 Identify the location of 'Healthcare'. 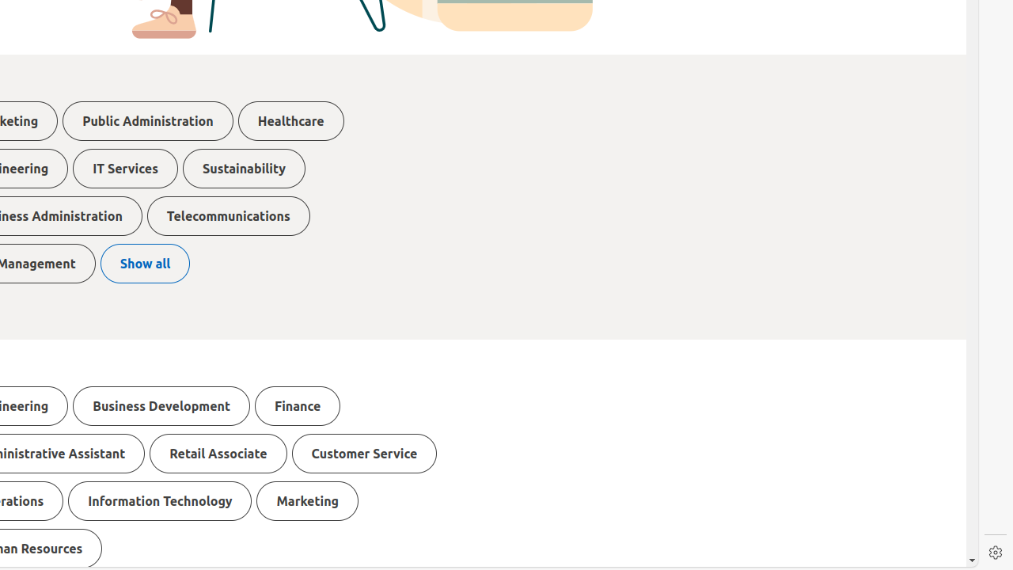
(290, 120).